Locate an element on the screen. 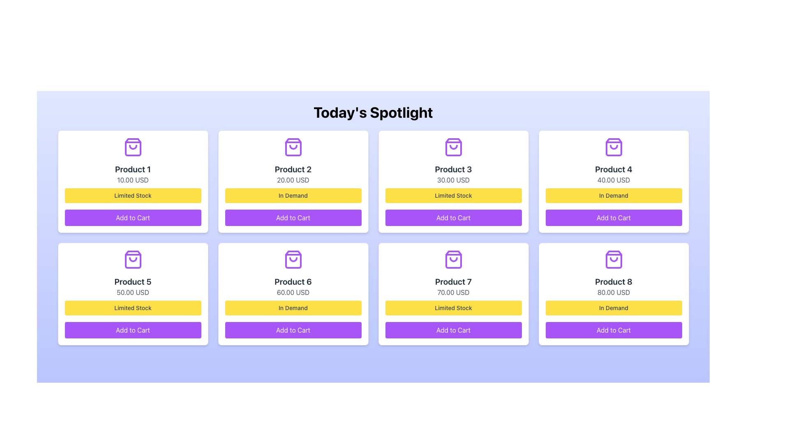 Image resolution: width=789 pixels, height=443 pixels. the Text Label displaying the product's title and price within the 'Product 8' card, located below the shopping bag icon and above the 'In Demand' label is located at coordinates (614, 286).